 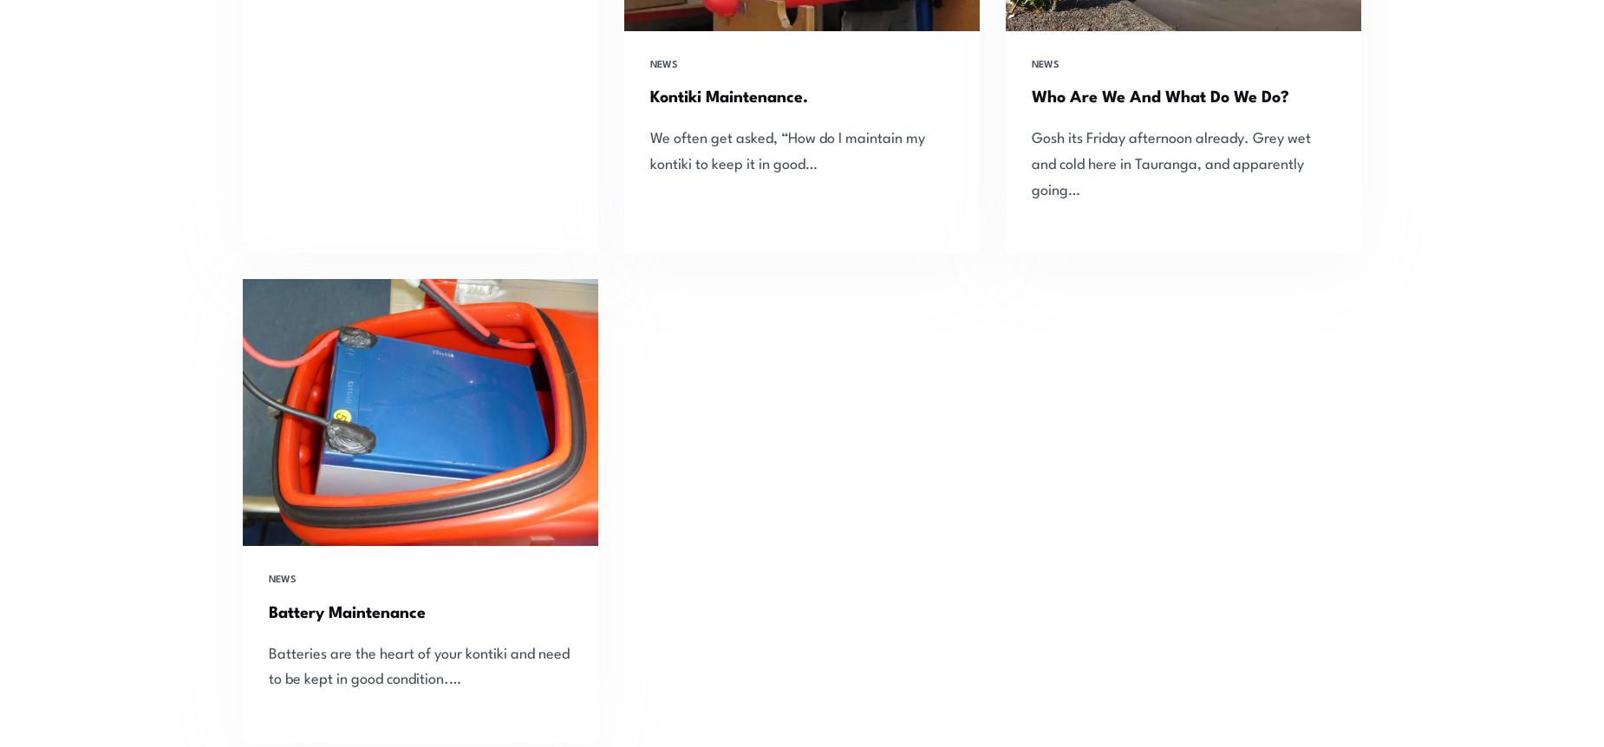 What do you see at coordinates (727, 594) in the screenshot?
I see `'Trace & Tackle'` at bounding box center [727, 594].